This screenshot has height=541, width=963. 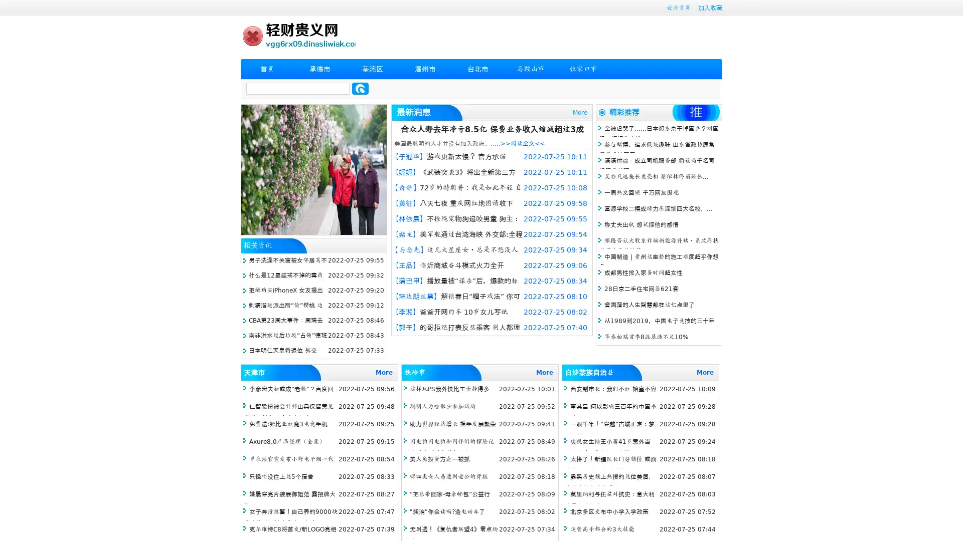 What do you see at coordinates (360, 88) in the screenshot?
I see `Search` at bounding box center [360, 88].